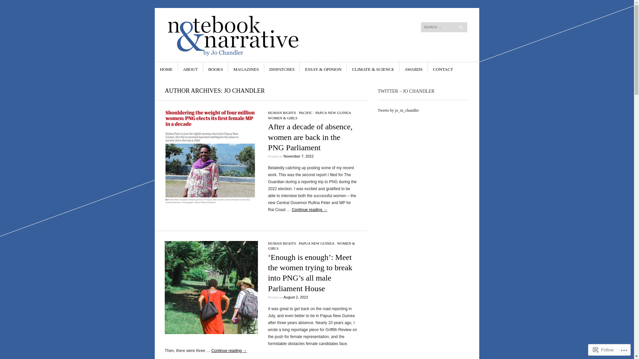  Describe the element at coordinates (603, 349) in the screenshot. I see `'Follow'` at that location.